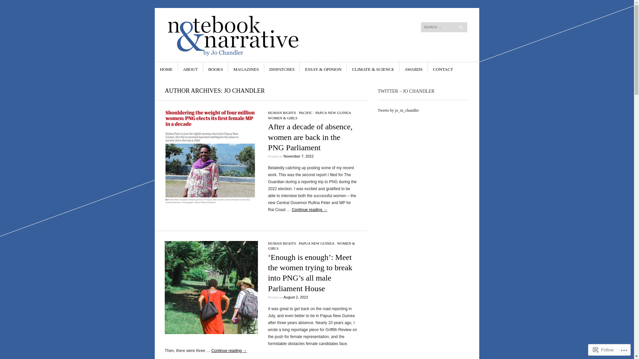  Describe the element at coordinates (603, 349) in the screenshot. I see `'Follow'` at that location.